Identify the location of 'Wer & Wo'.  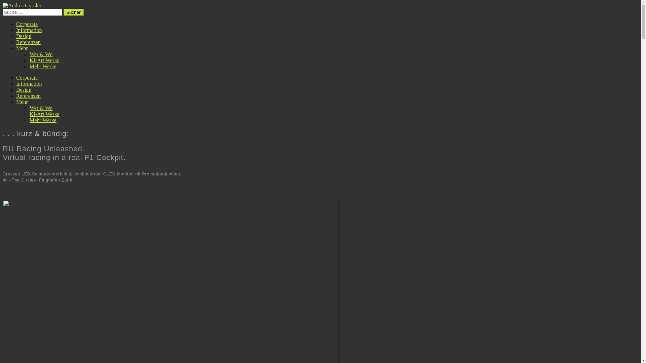
(29, 54).